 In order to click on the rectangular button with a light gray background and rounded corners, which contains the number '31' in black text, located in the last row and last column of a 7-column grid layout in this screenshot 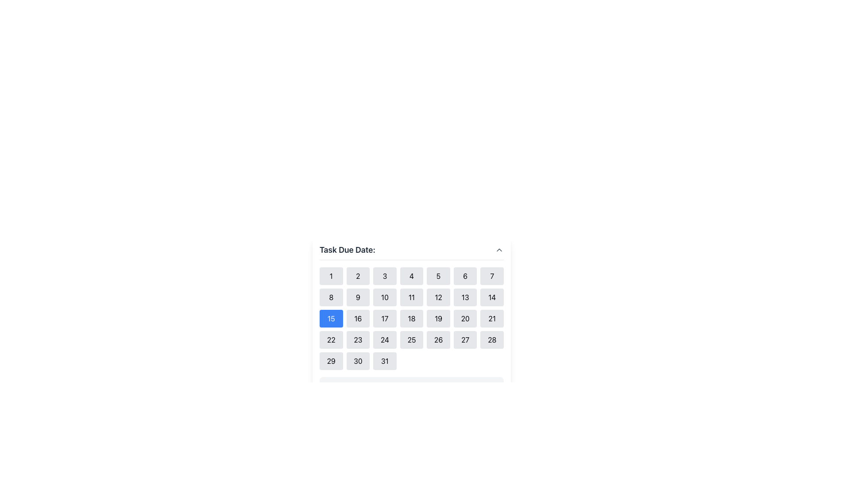, I will do `click(385, 361)`.